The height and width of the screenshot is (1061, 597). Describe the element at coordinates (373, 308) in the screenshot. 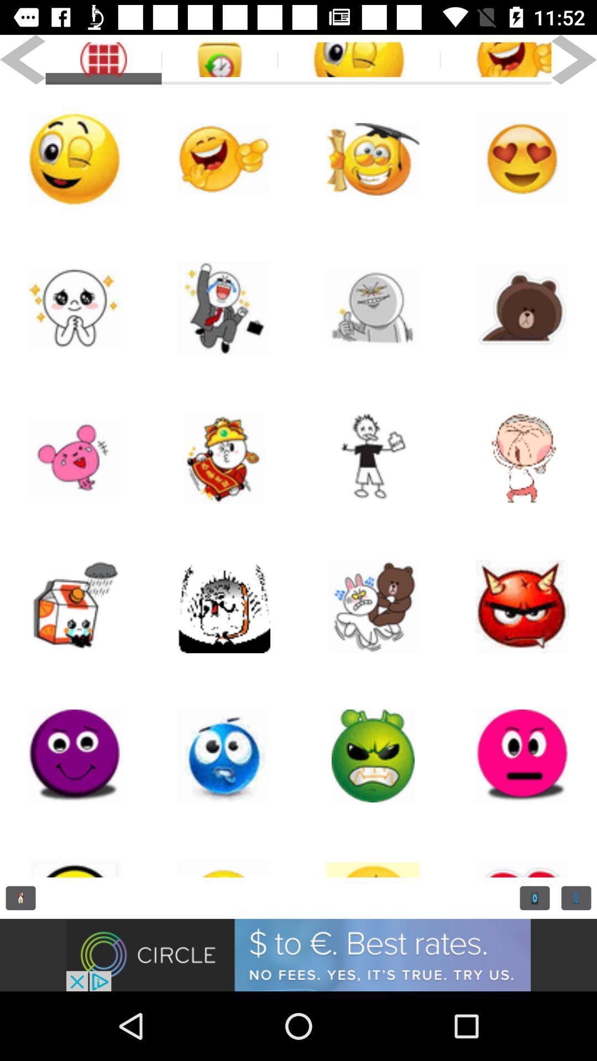

I see `this icon` at that location.